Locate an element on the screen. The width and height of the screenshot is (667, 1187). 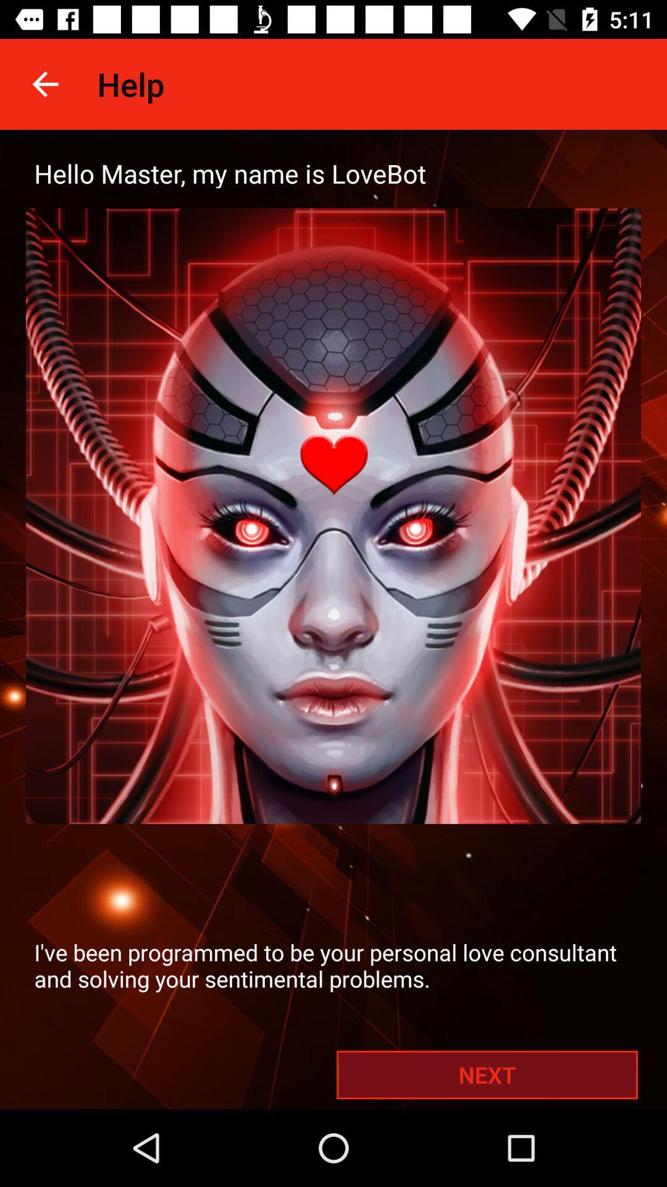
the next at the bottom right corner is located at coordinates (487, 1074).